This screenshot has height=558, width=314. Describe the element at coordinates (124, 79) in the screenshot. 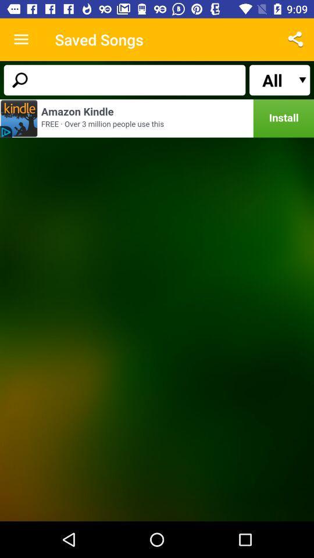

I see `search bar` at that location.